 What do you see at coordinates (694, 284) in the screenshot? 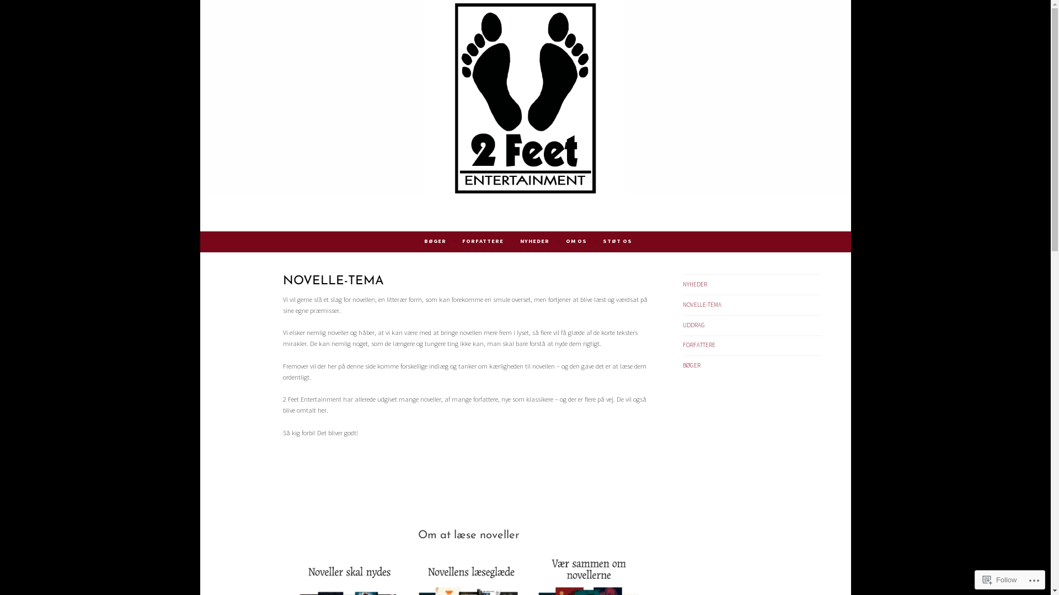
I see `'NYHEDER'` at bounding box center [694, 284].